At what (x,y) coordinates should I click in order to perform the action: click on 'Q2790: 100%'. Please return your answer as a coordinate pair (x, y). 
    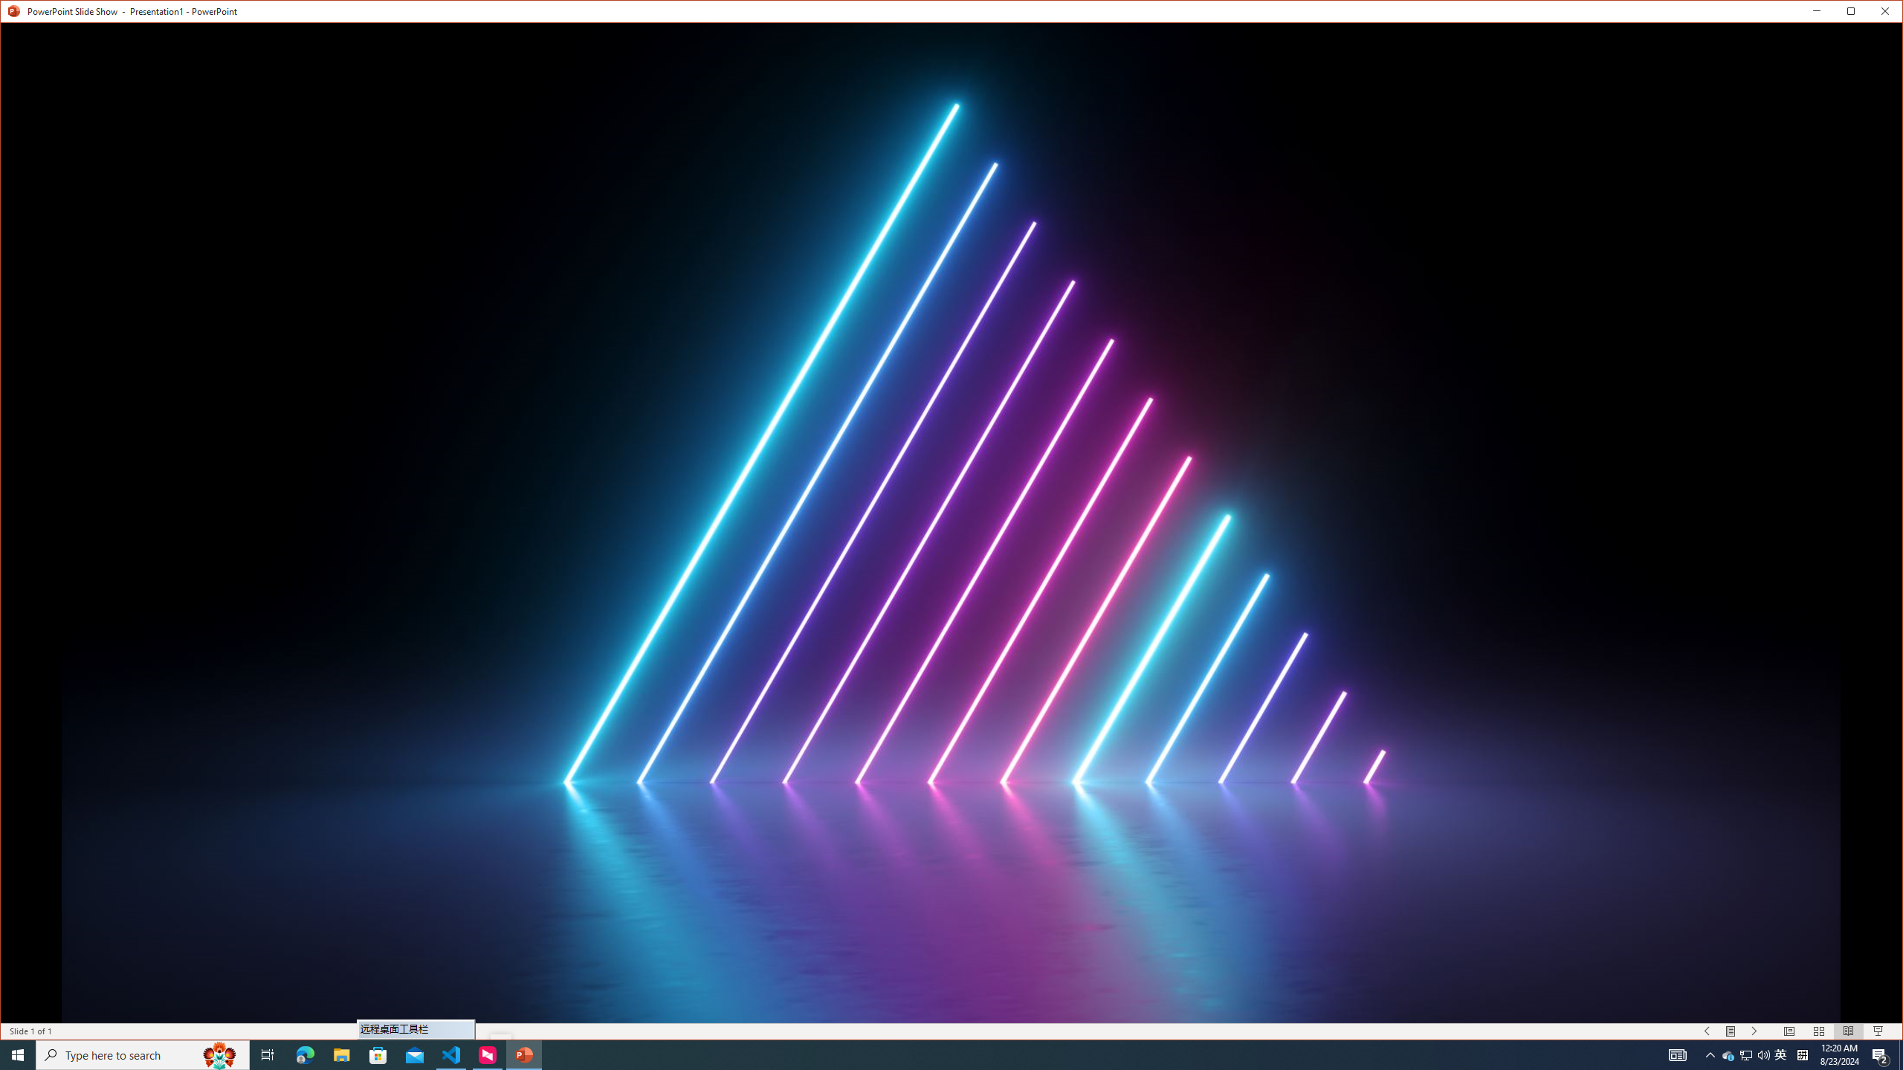
    Looking at the image, I should click on (1763, 1054).